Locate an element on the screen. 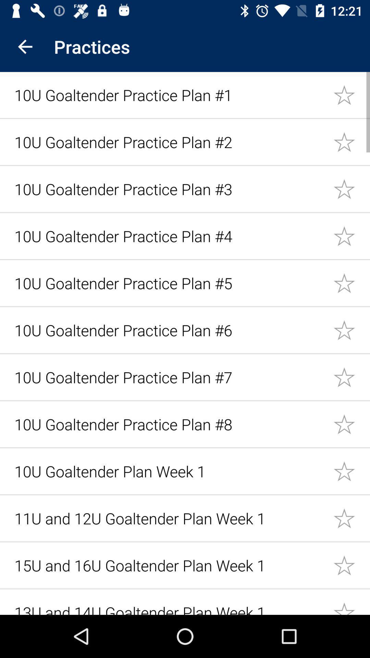 Image resolution: width=370 pixels, height=658 pixels. plan selection star is located at coordinates (351, 424).